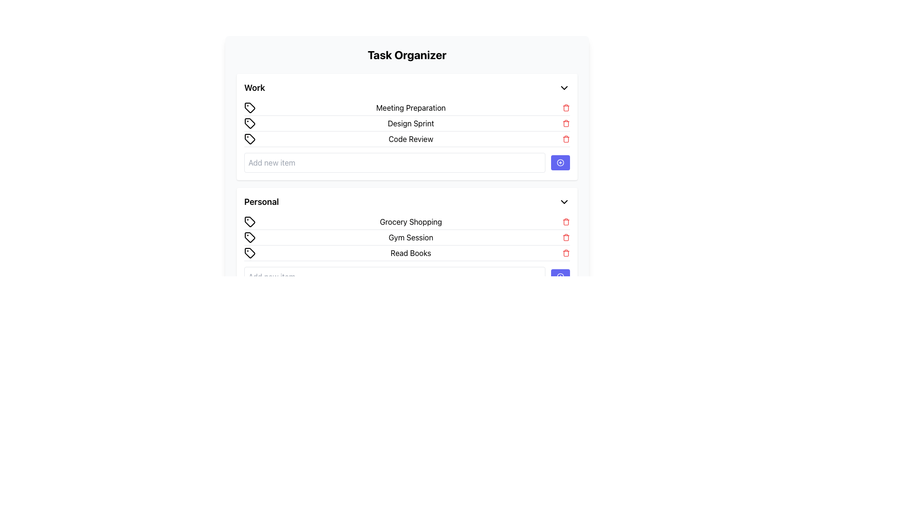  I want to click on the delete icon button located in the 'Work' group, adjacent to the 'Code Review' task for visual feedback, so click(566, 139).